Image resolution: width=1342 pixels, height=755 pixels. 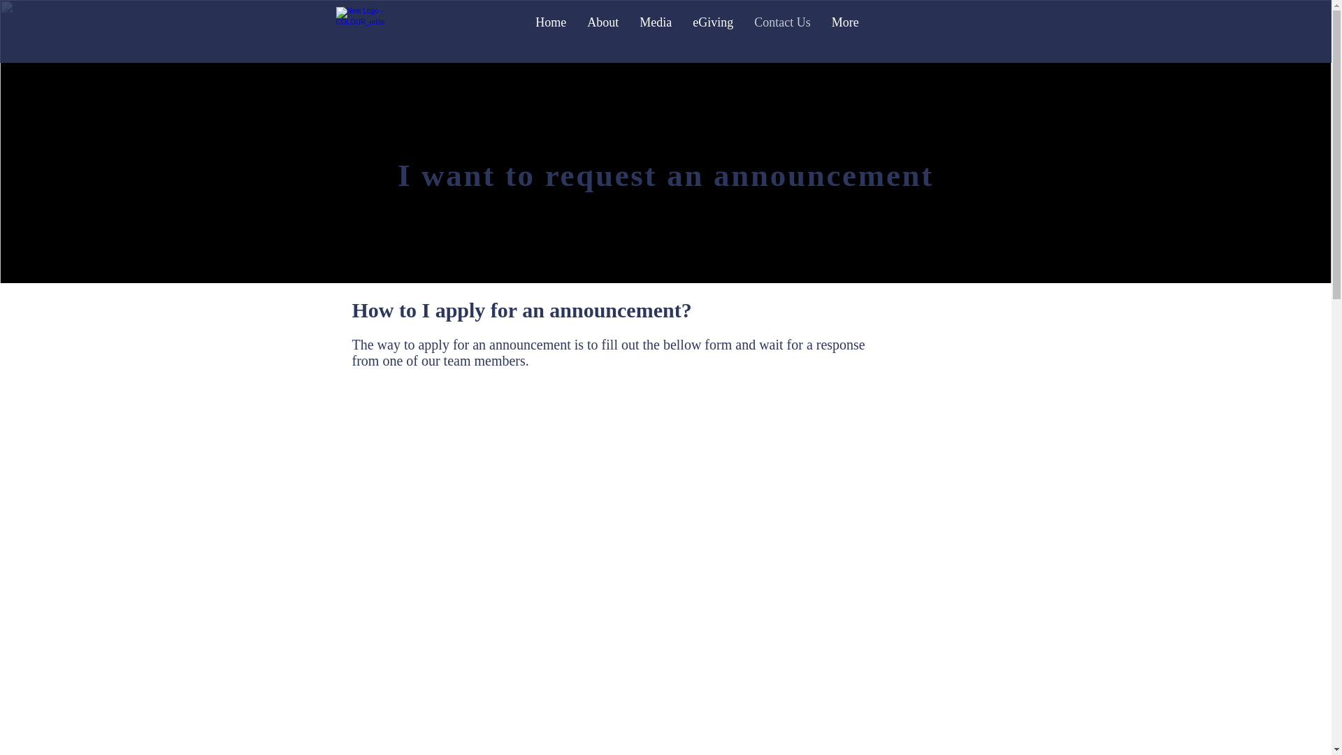 I want to click on 'Home', so click(x=549, y=31).